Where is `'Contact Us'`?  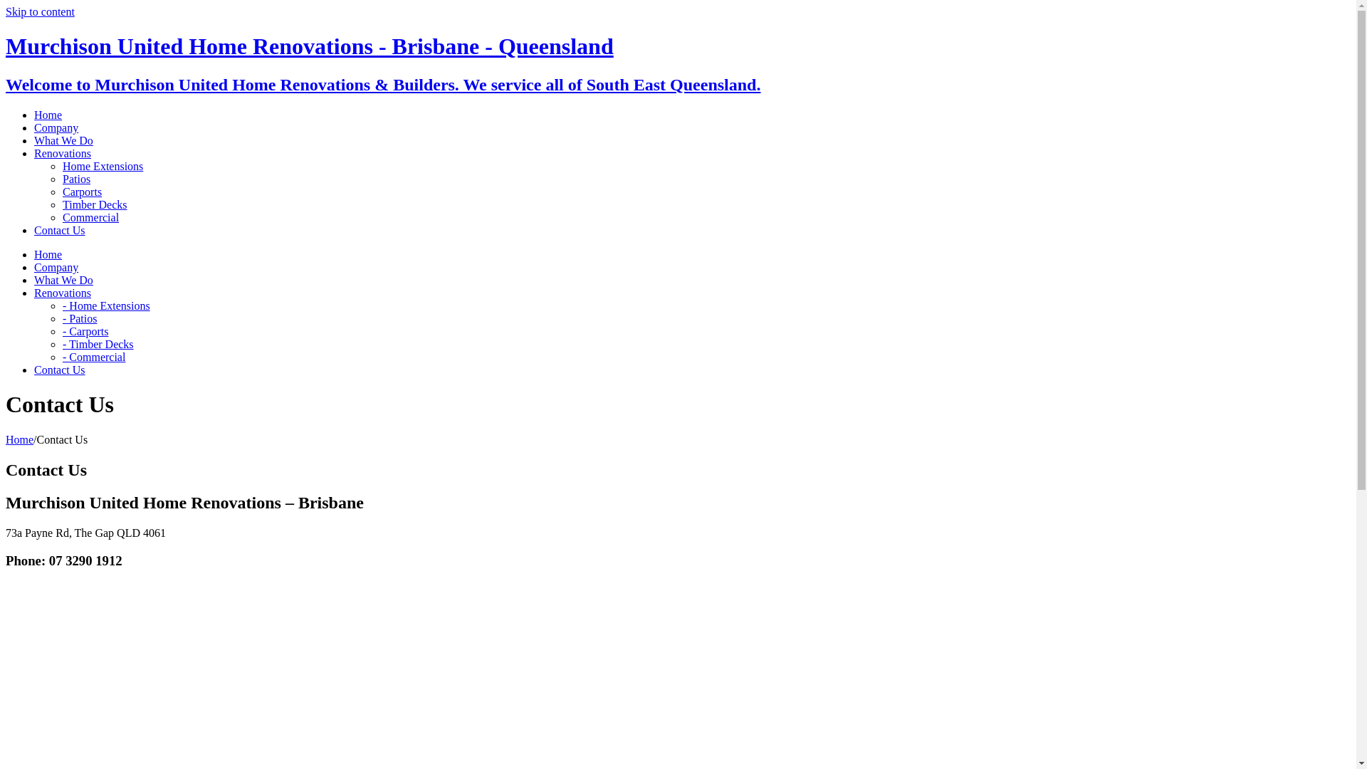
'Contact Us' is located at coordinates (58, 229).